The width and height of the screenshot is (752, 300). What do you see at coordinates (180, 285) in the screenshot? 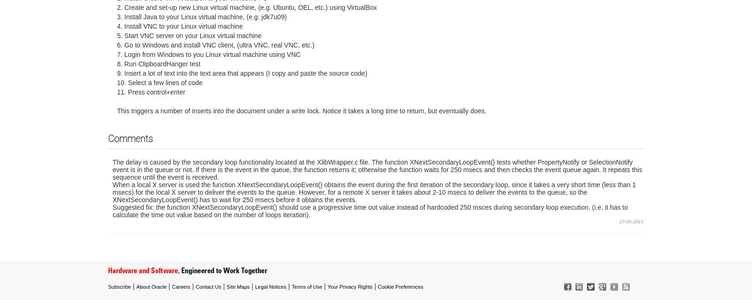
I see `'Careers'` at bounding box center [180, 285].